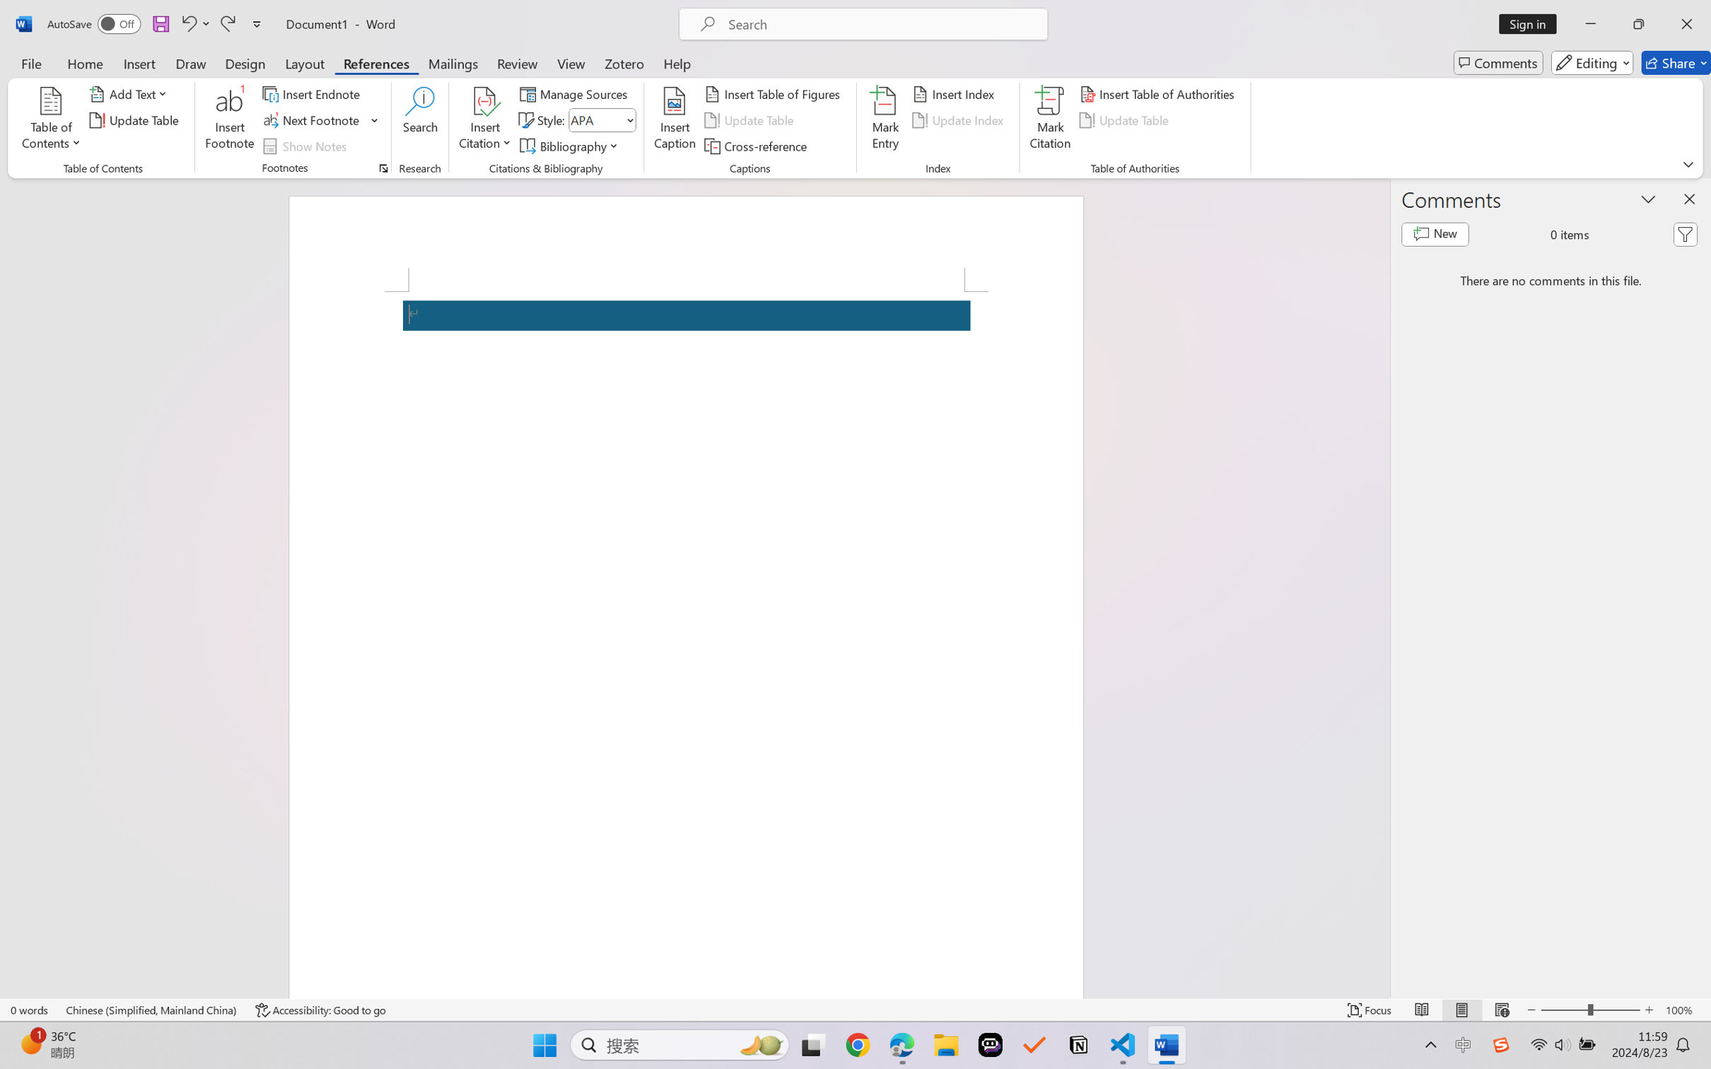  What do you see at coordinates (758, 146) in the screenshot?
I see `'Cross-reference...'` at bounding box center [758, 146].